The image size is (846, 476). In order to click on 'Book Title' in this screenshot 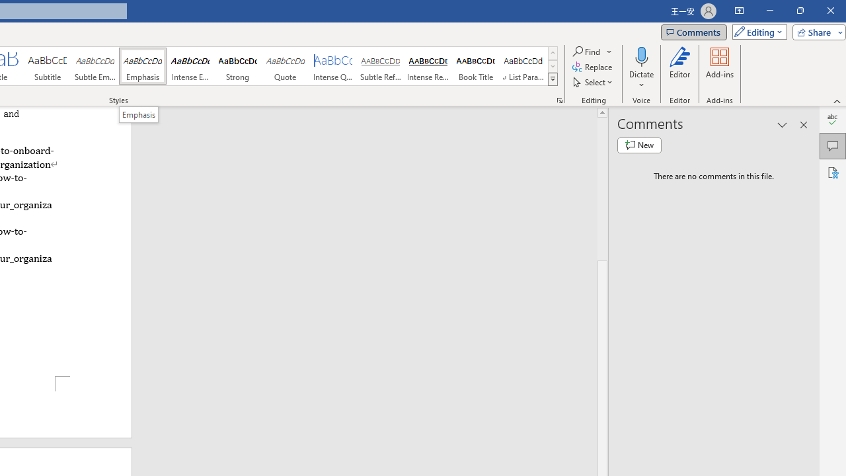, I will do `click(476, 66)`.